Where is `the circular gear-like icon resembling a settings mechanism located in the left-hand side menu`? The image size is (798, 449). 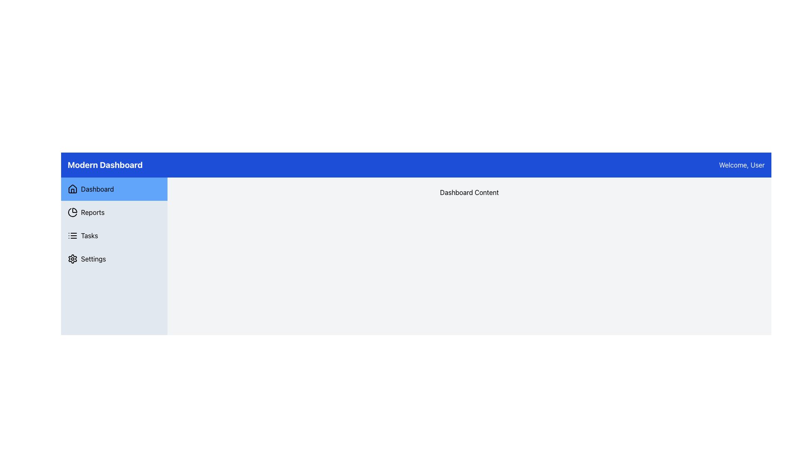 the circular gear-like icon resembling a settings mechanism located in the left-hand side menu is located at coordinates (72, 259).